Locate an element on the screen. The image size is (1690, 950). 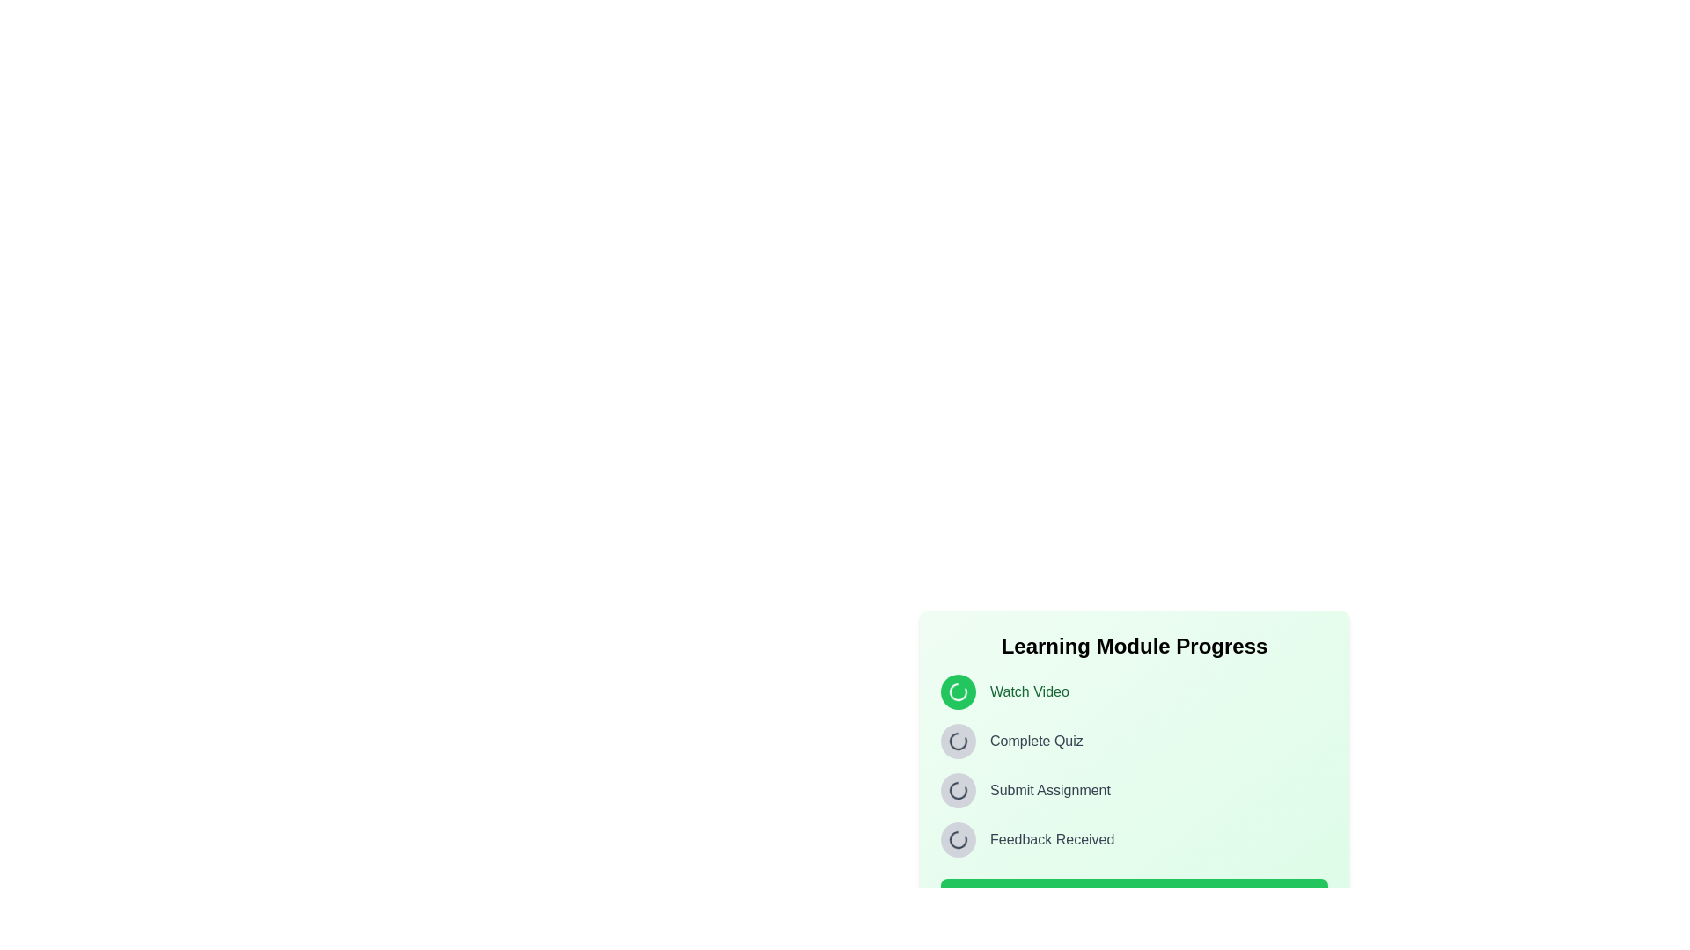
the circular spinning loader icon, which is part of the status indicators for tasks in the learning module, located to the left of the 'Submit Assignment' text is located at coordinates (958, 789).